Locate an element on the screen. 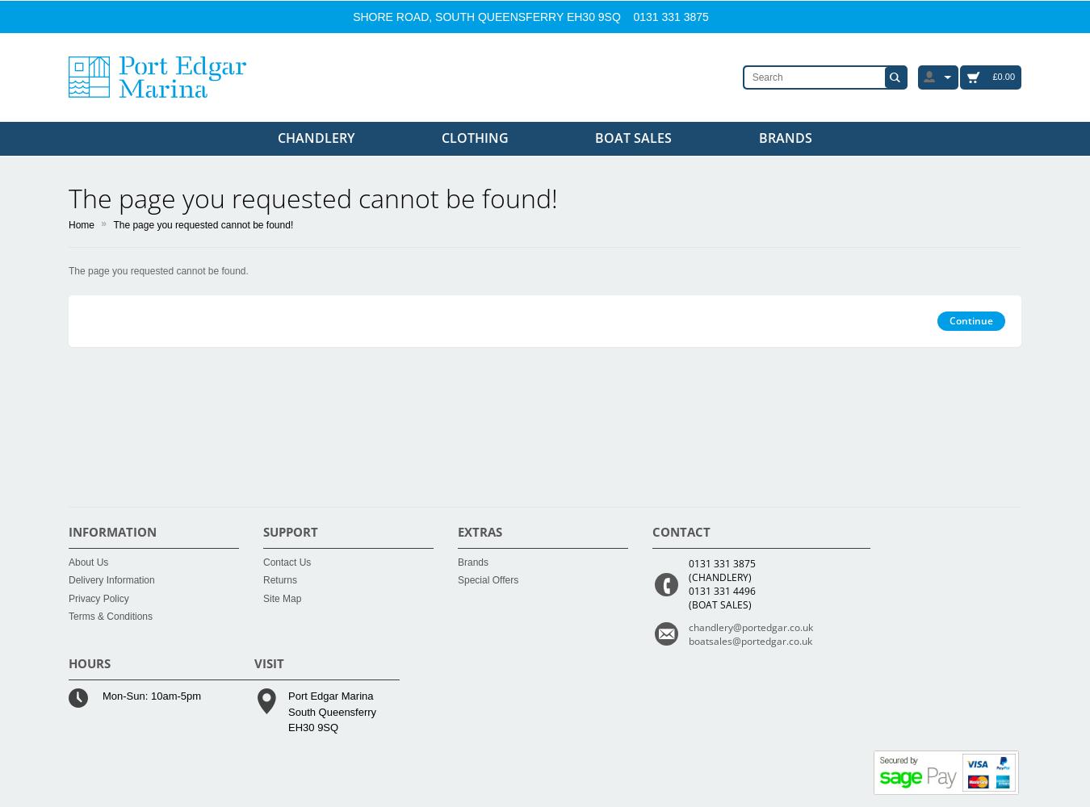  'boatsales@portedgar.co.uk' is located at coordinates (749, 640).